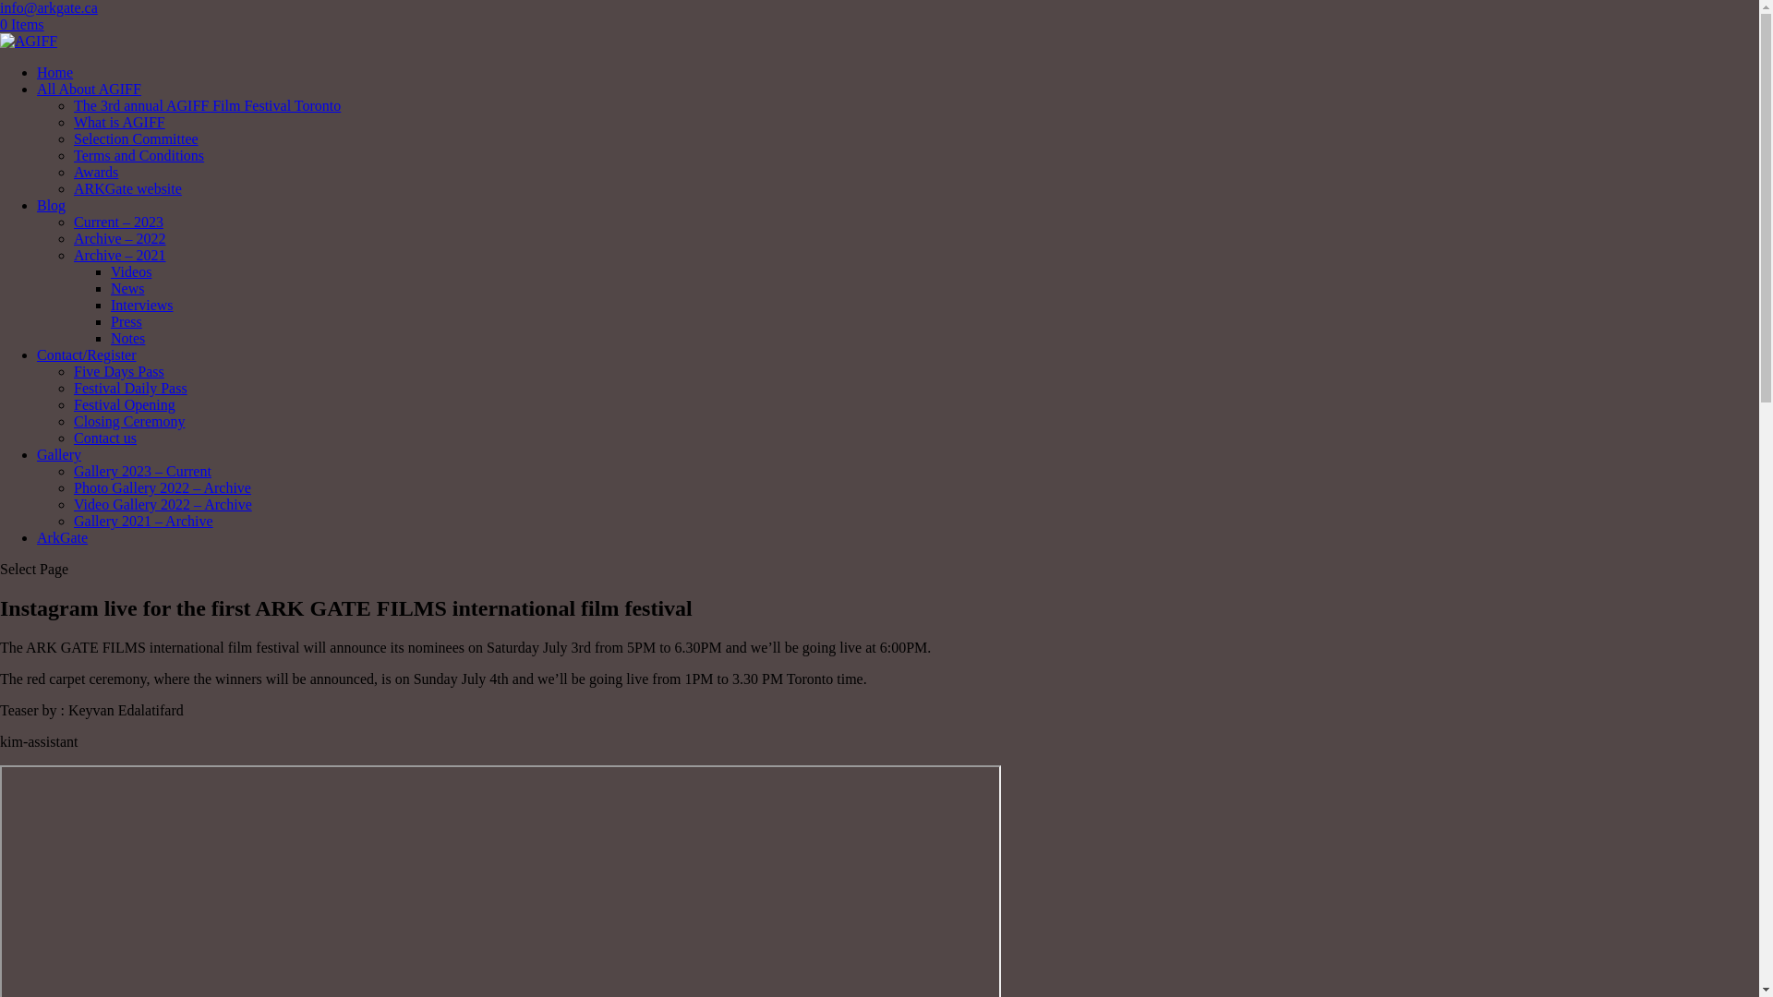 Image resolution: width=1773 pixels, height=997 pixels. Describe the element at coordinates (118, 371) in the screenshot. I see `'Five Days Pass'` at that location.